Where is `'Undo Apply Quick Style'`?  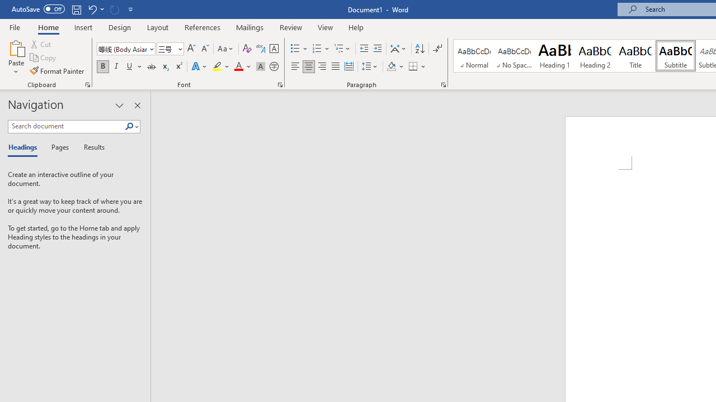
'Undo Apply Quick Style' is located at coordinates (92, 9).